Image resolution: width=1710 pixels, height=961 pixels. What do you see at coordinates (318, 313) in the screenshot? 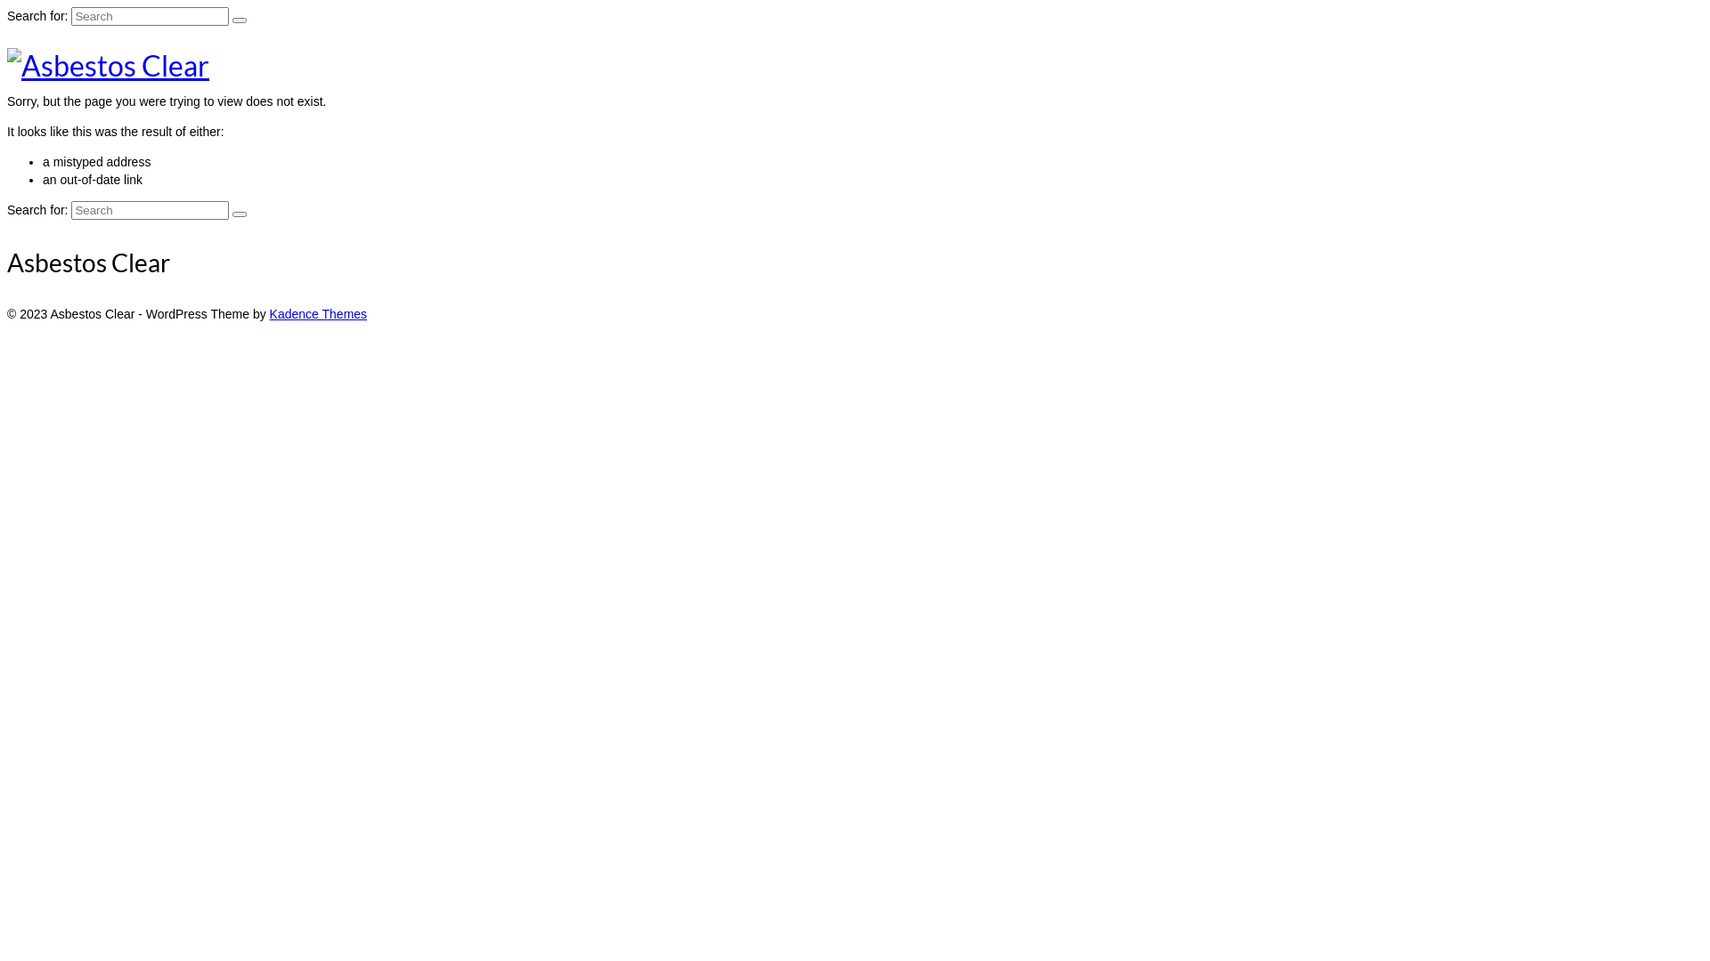
I see `'Kadence Themes'` at bounding box center [318, 313].